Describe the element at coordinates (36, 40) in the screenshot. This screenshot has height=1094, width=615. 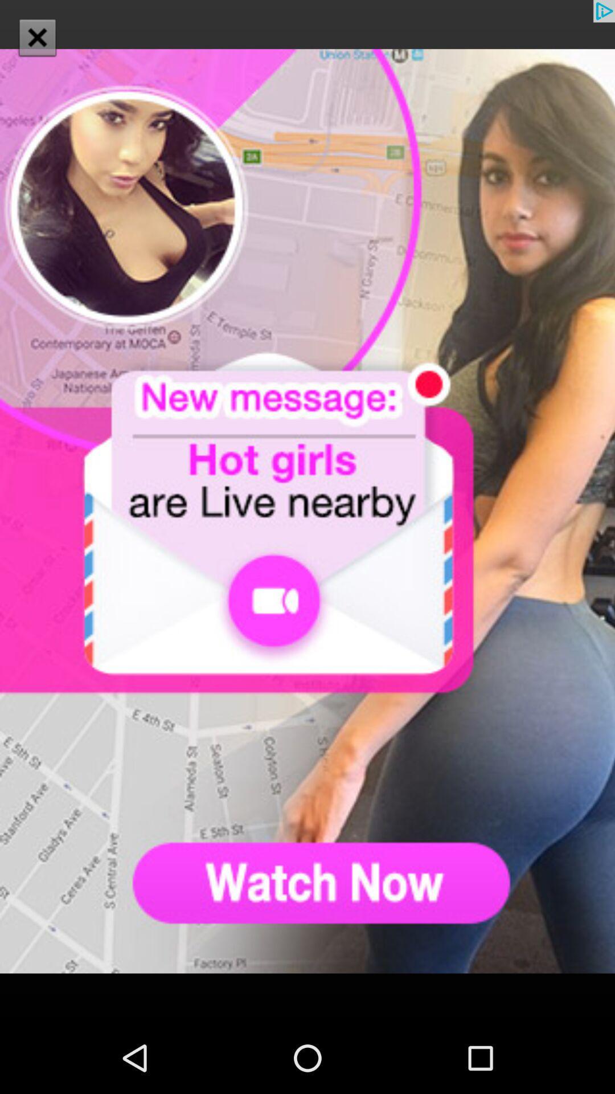
I see `the close icon` at that location.